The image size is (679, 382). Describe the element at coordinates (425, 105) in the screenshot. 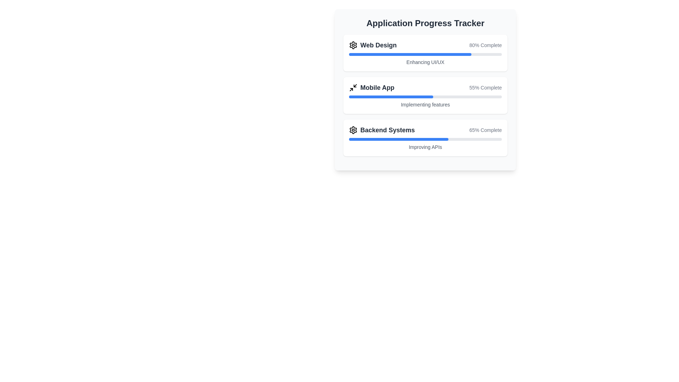

I see `the descriptive text label that indicates the progress status of the 'Mobile App' task, located below the blue progress bar in the second section of the 'Application Progress Tracker'` at that location.